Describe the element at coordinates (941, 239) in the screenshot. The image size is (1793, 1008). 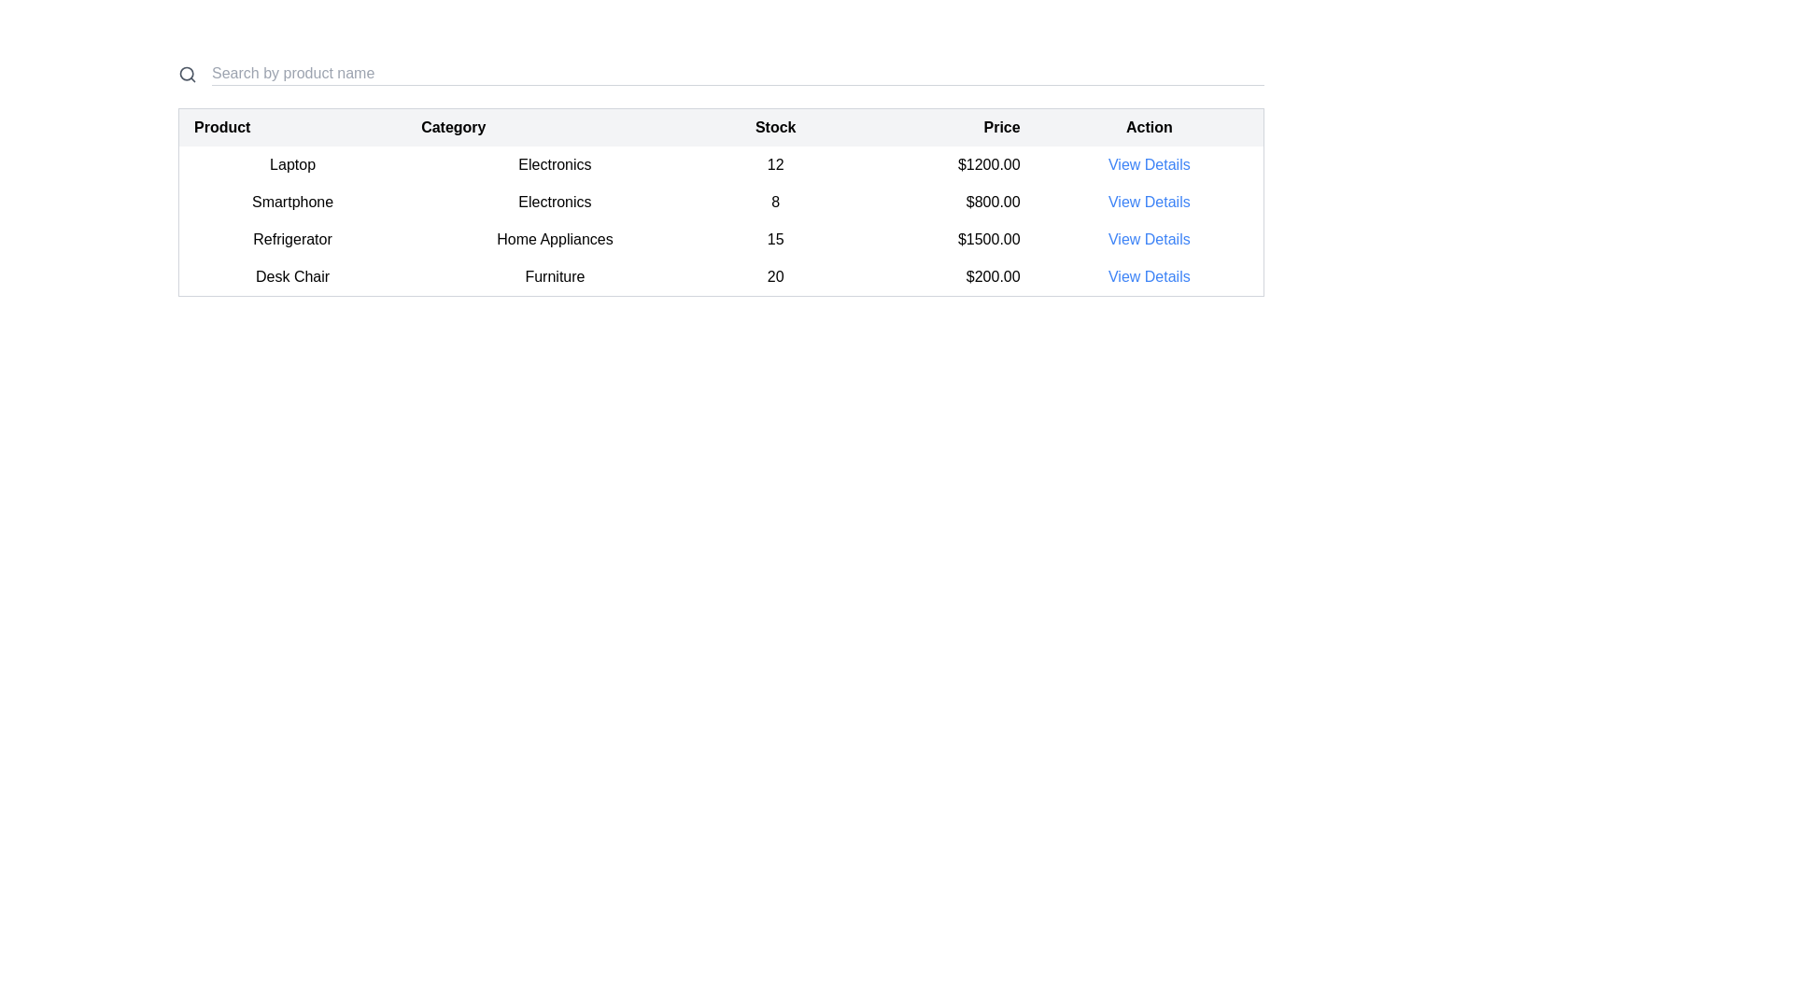
I see `the price display for the product 'Refrigerator' located in the fourth column of the third row of the table` at that location.